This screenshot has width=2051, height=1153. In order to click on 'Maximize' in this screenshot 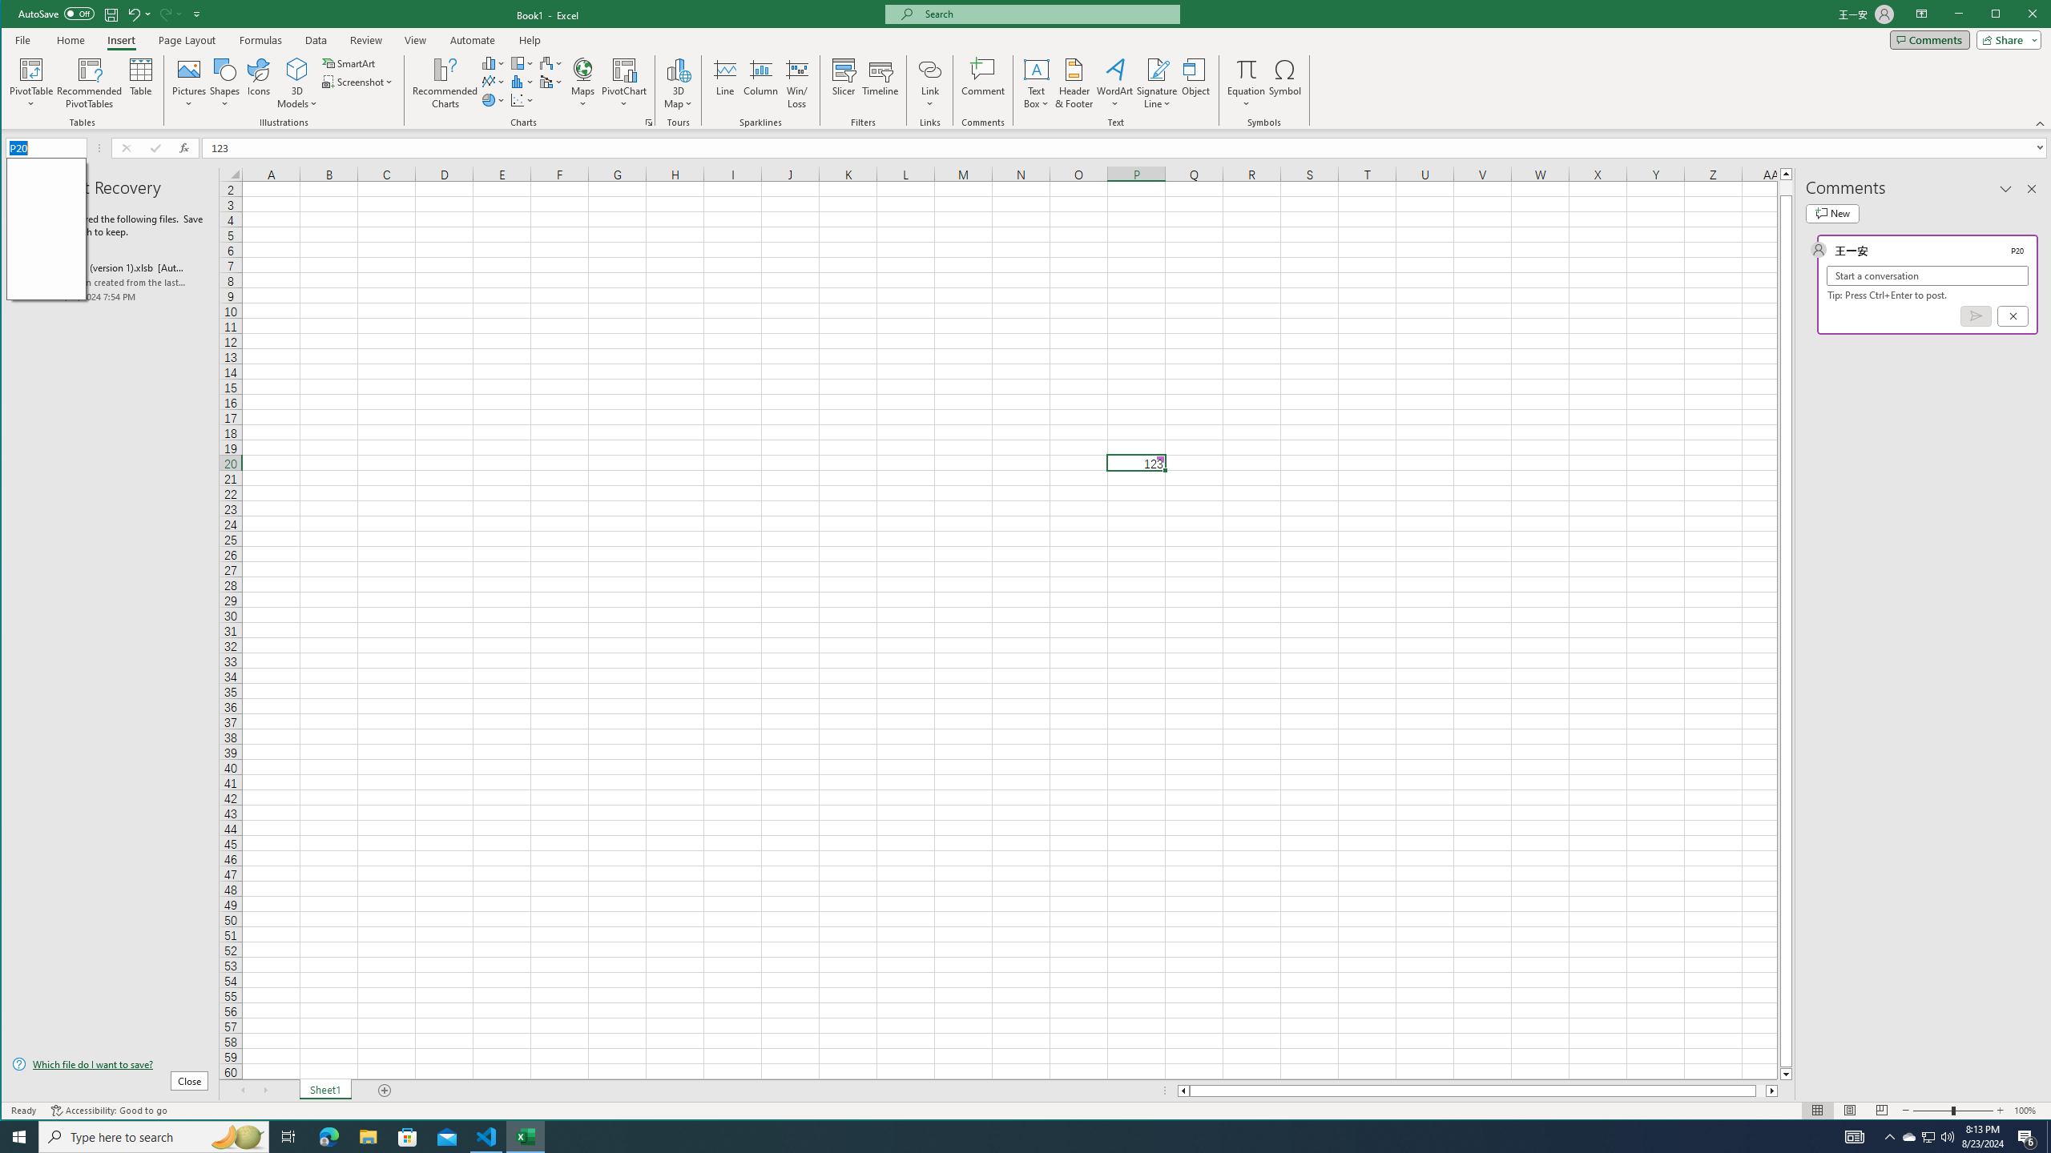, I will do `click(2018, 15)`.